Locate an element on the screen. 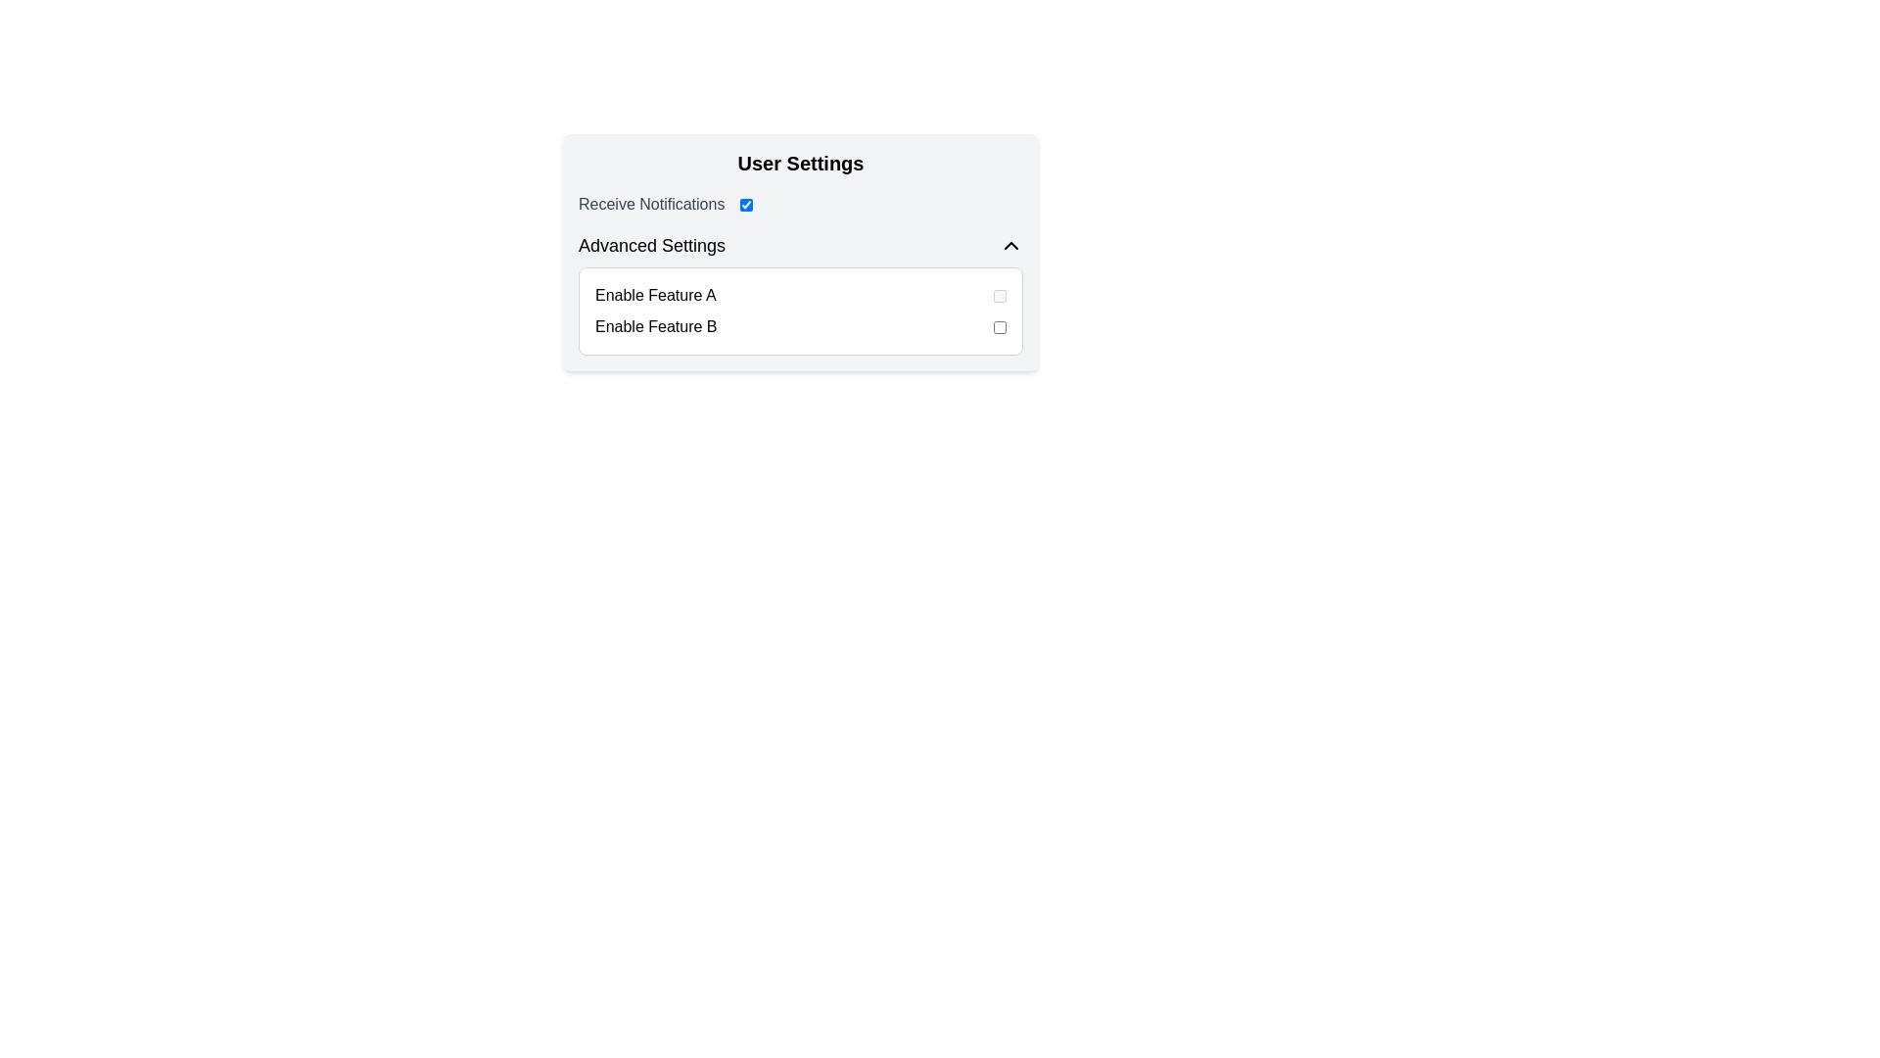 The height and width of the screenshot is (1058, 1880). the collapse button in the 'Advanced Settings' section is located at coordinates (1010, 244).